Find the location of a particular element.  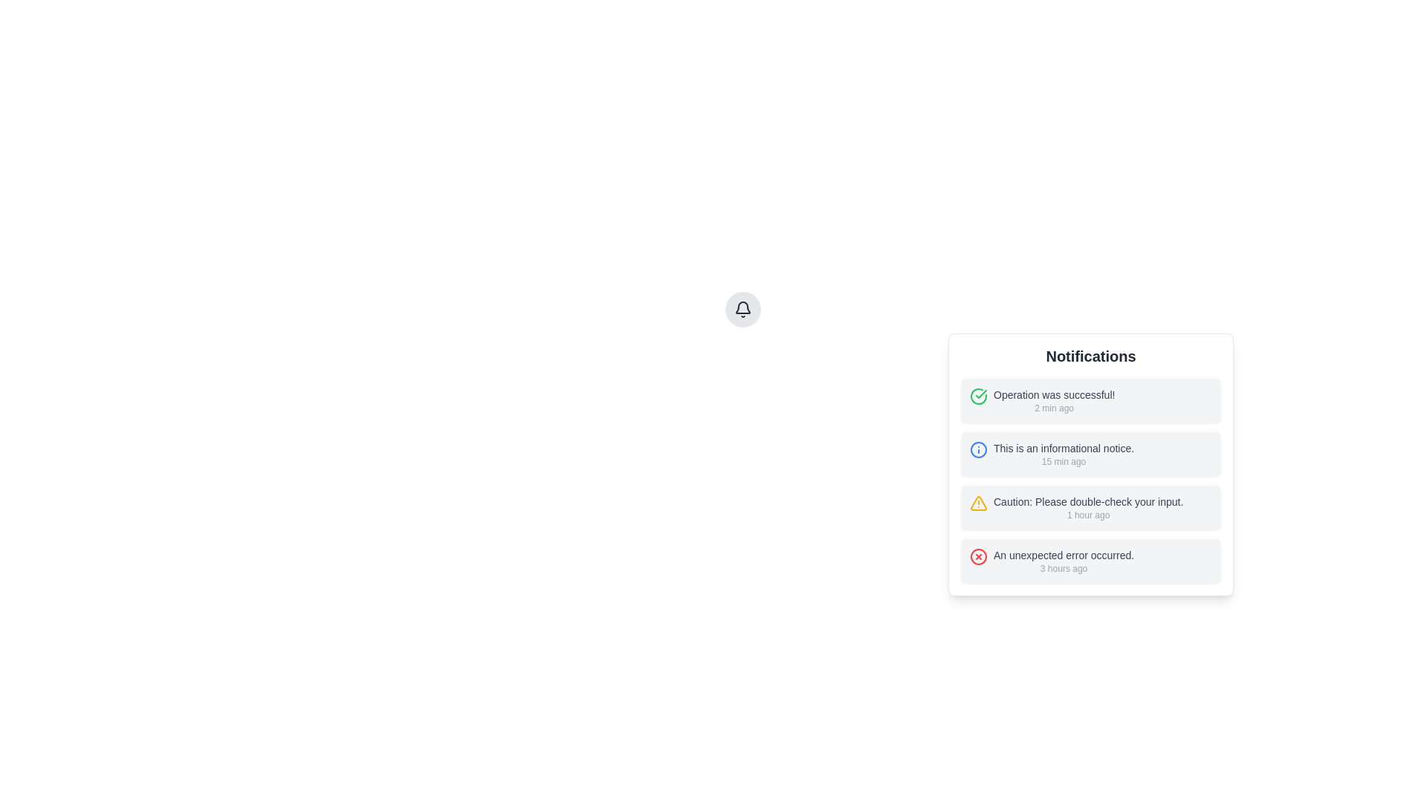

the green circular icon with a checkmark inside, which indicates a completed state, located within the notification card that reads 'Operation was successful! 2 min ago.' is located at coordinates (978, 395).